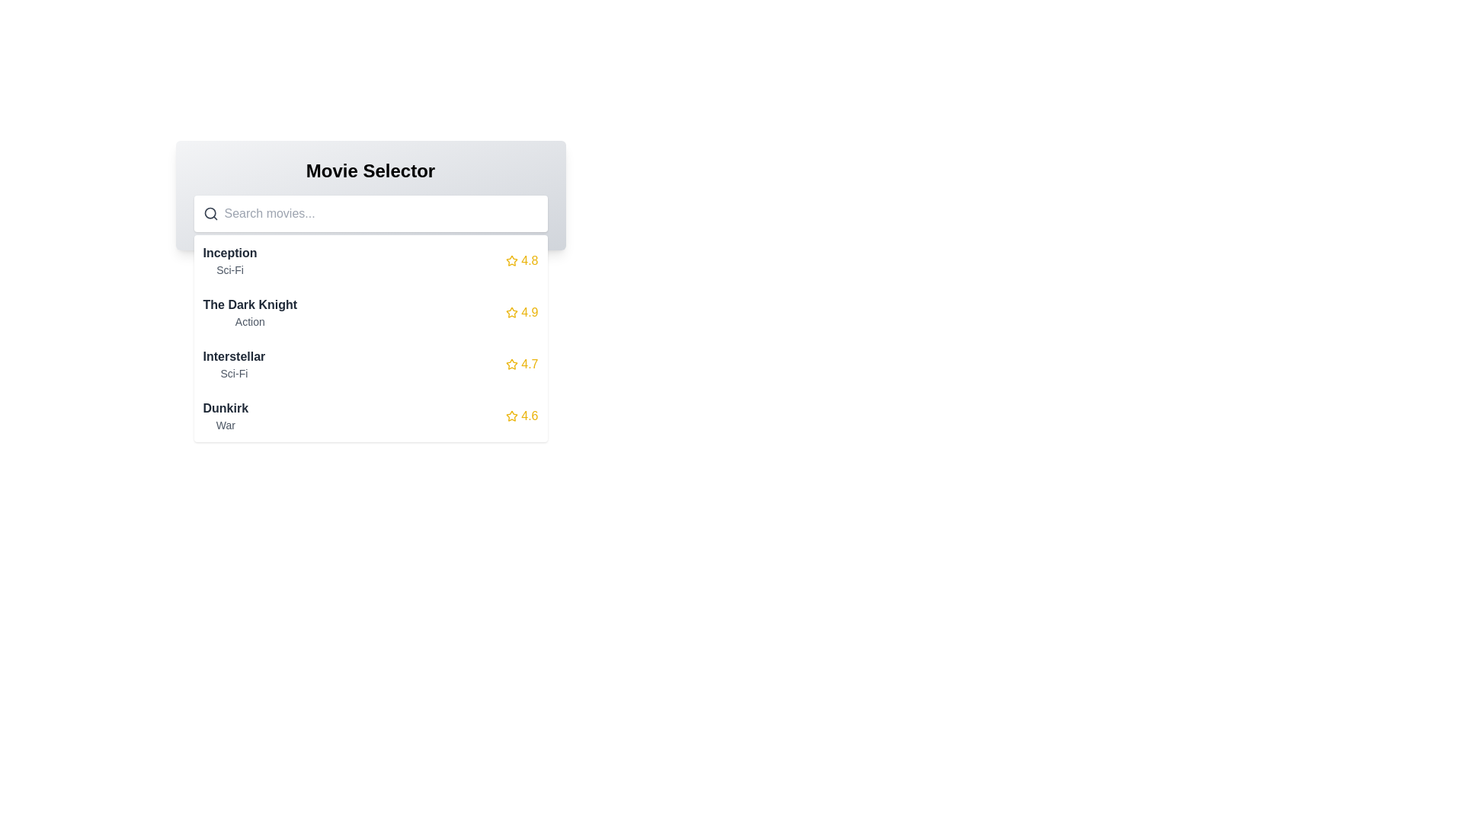  I want to click on the text display block titled 'Inception' which shows the genre 'Sci-Fi', so click(229, 260).